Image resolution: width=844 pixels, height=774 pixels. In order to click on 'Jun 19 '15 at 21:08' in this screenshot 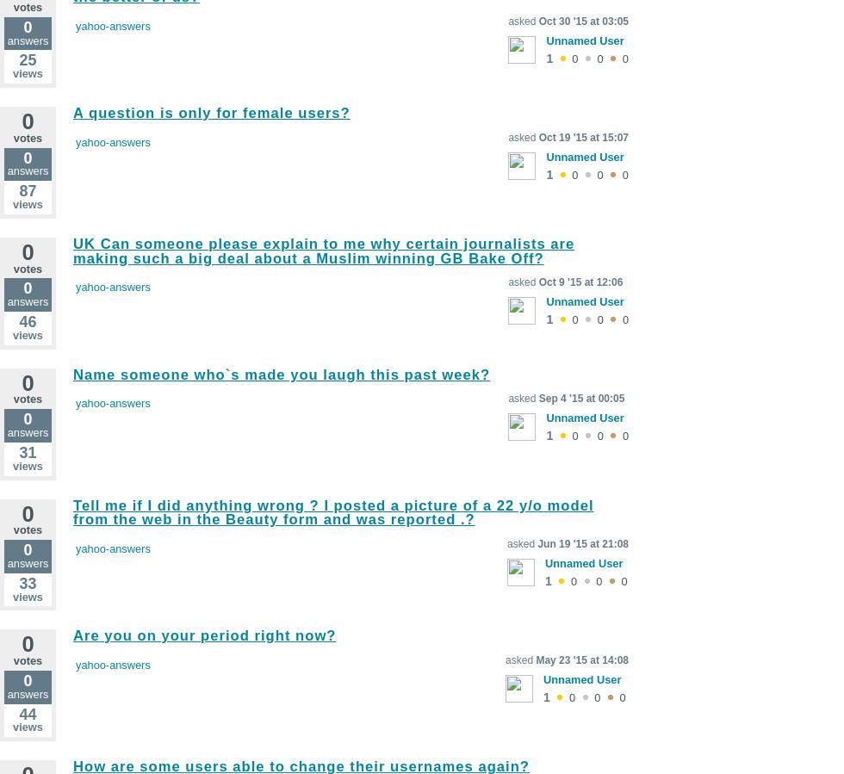, I will do `click(582, 542)`.